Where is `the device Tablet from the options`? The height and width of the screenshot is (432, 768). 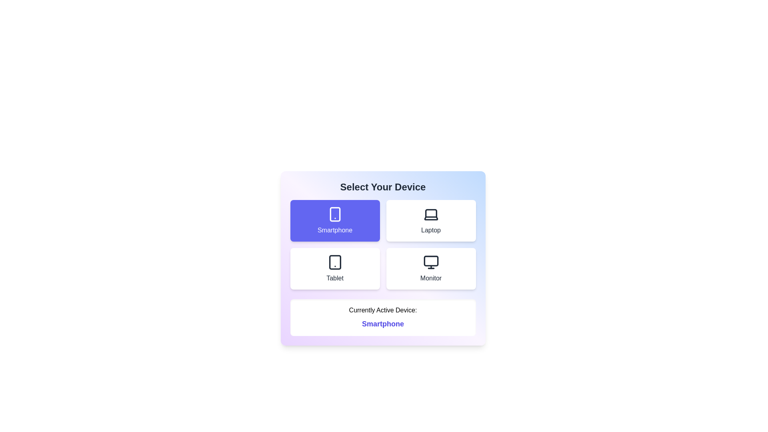
the device Tablet from the options is located at coordinates (335, 268).